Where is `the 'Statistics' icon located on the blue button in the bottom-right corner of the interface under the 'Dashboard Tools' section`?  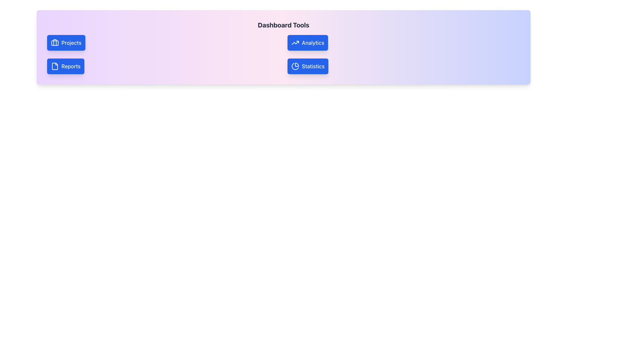
the 'Statistics' icon located on the blue button in the bottom-right corner of the interface under the 'Dashboard Tools' section is located at coordinates (295, 66).